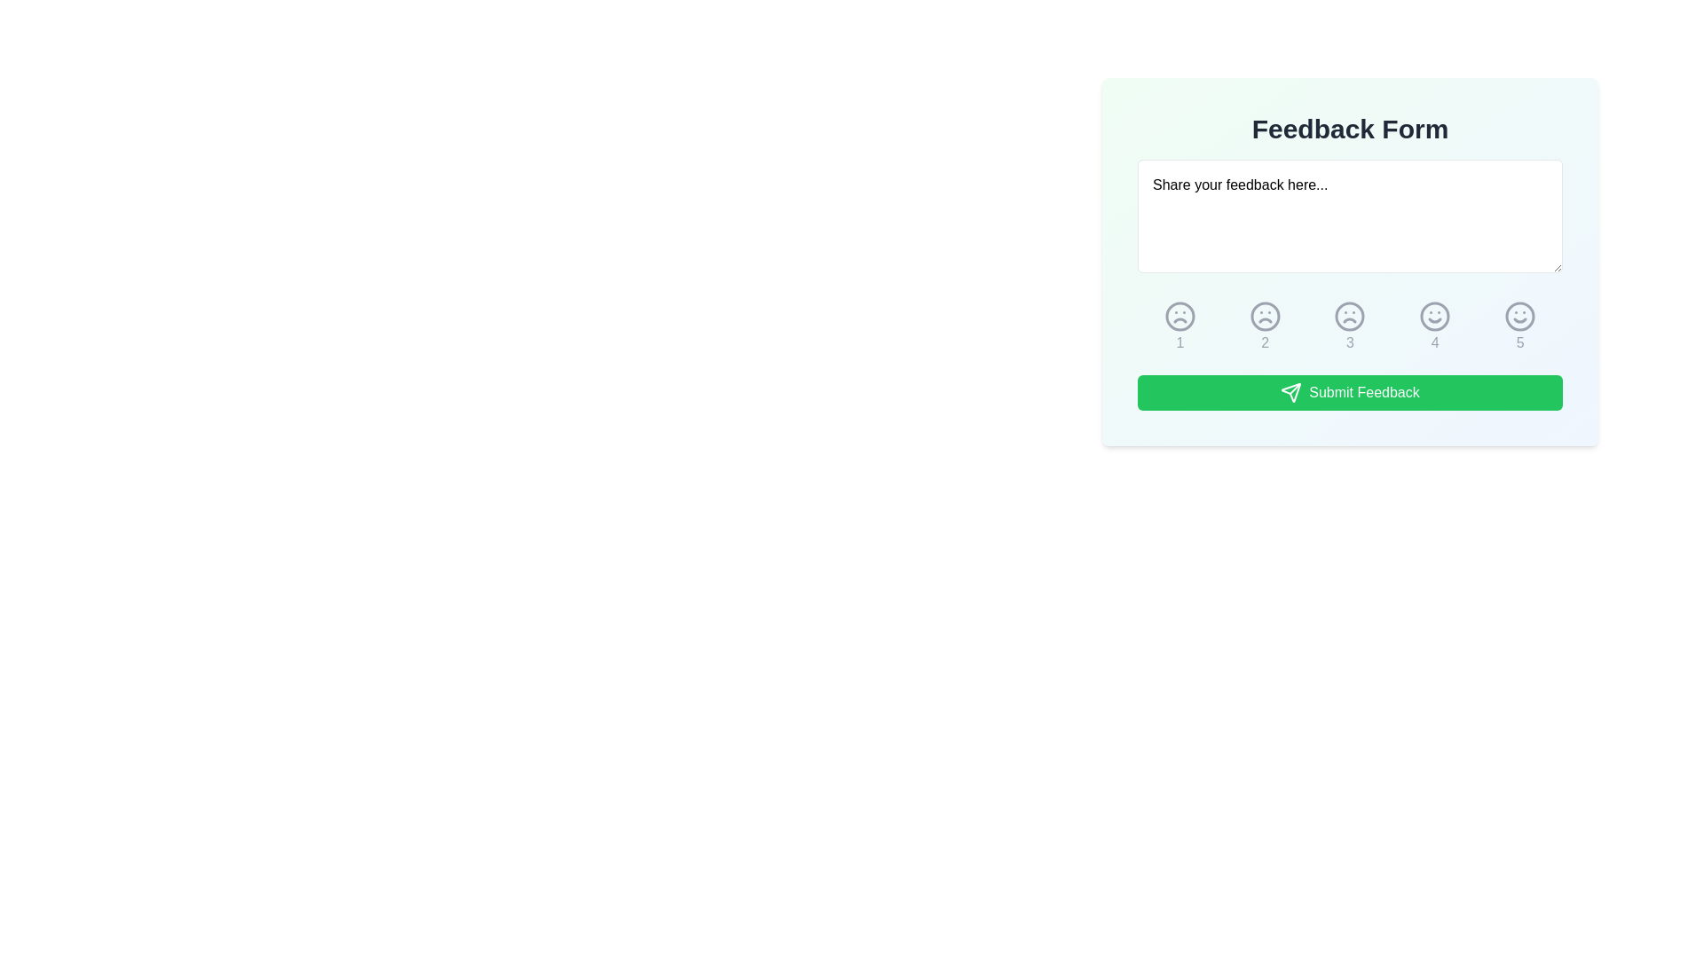  What do you see at coordinates (1519, 316) in the screenshot?
I see `the smiley face icon, which is the fifth icon in a horizontal sequence of five emotion-rating icons displayed at the bottom of a feedback form` at bounding box center [1519, 316].